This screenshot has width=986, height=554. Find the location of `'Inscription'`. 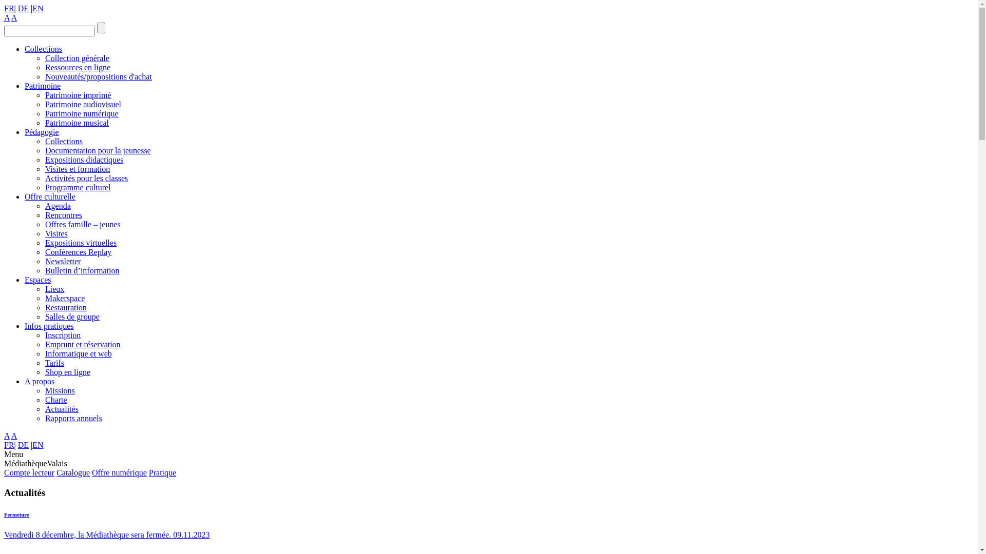

'Inscription' is located at coordinates (62, 335).